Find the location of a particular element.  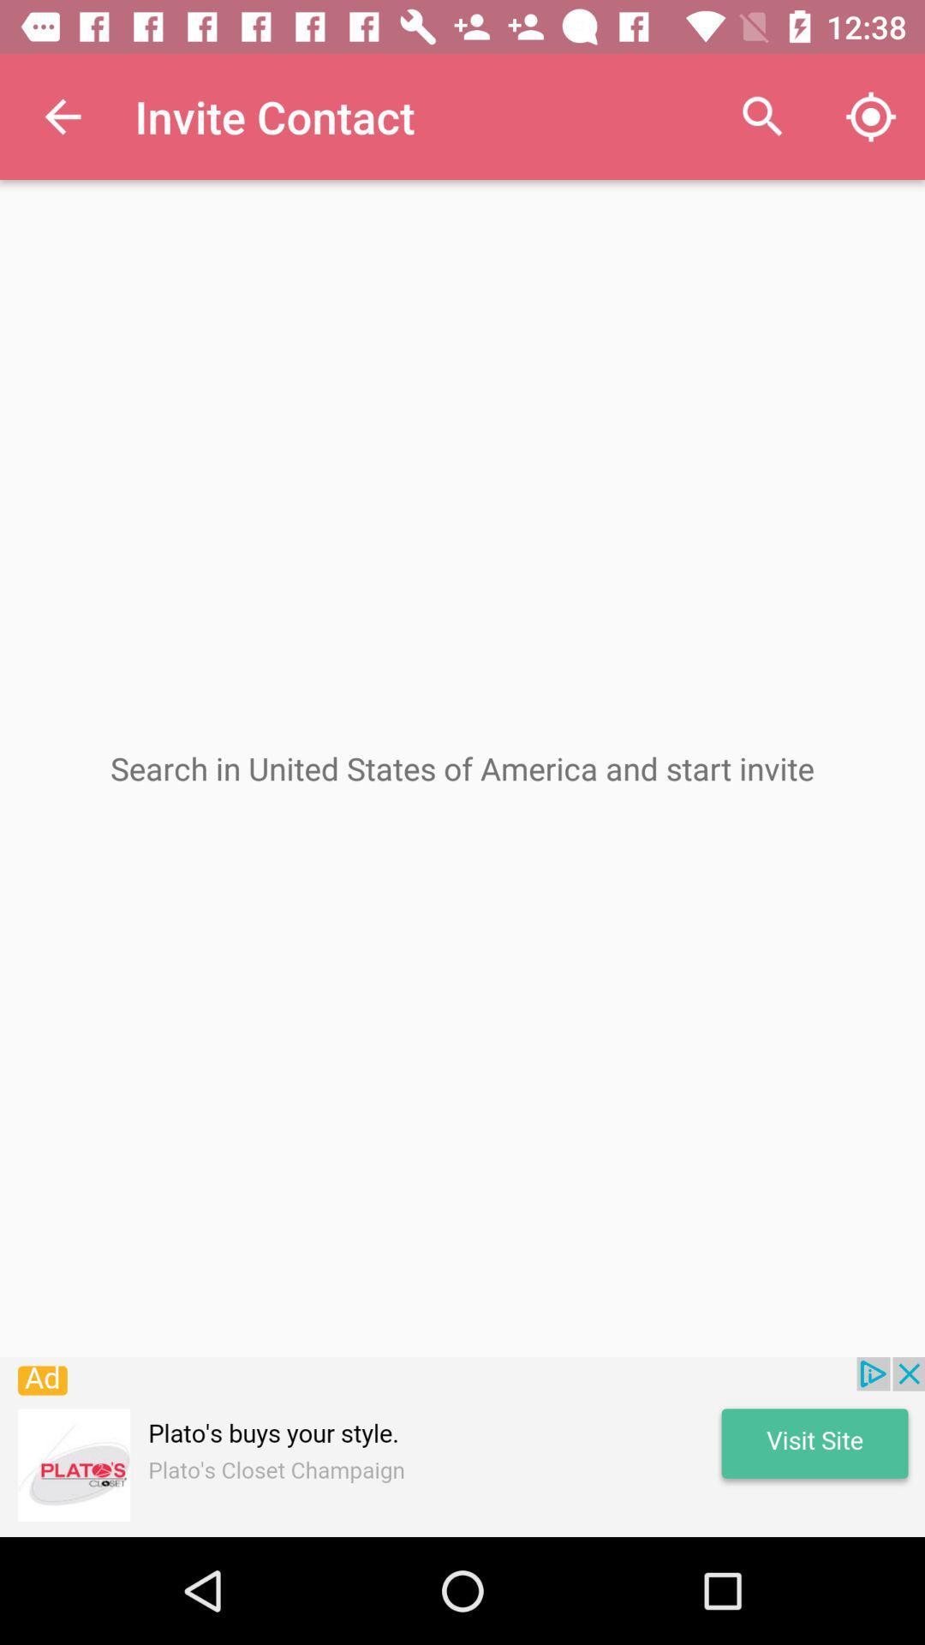

adding advertisement is located at coordinates (462, 1446).